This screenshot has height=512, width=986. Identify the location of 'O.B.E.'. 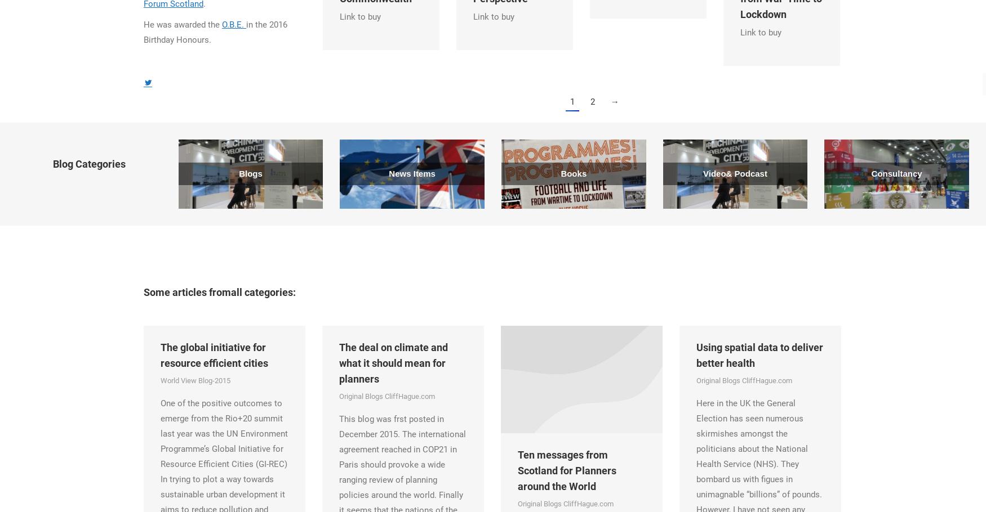
(233, 24).